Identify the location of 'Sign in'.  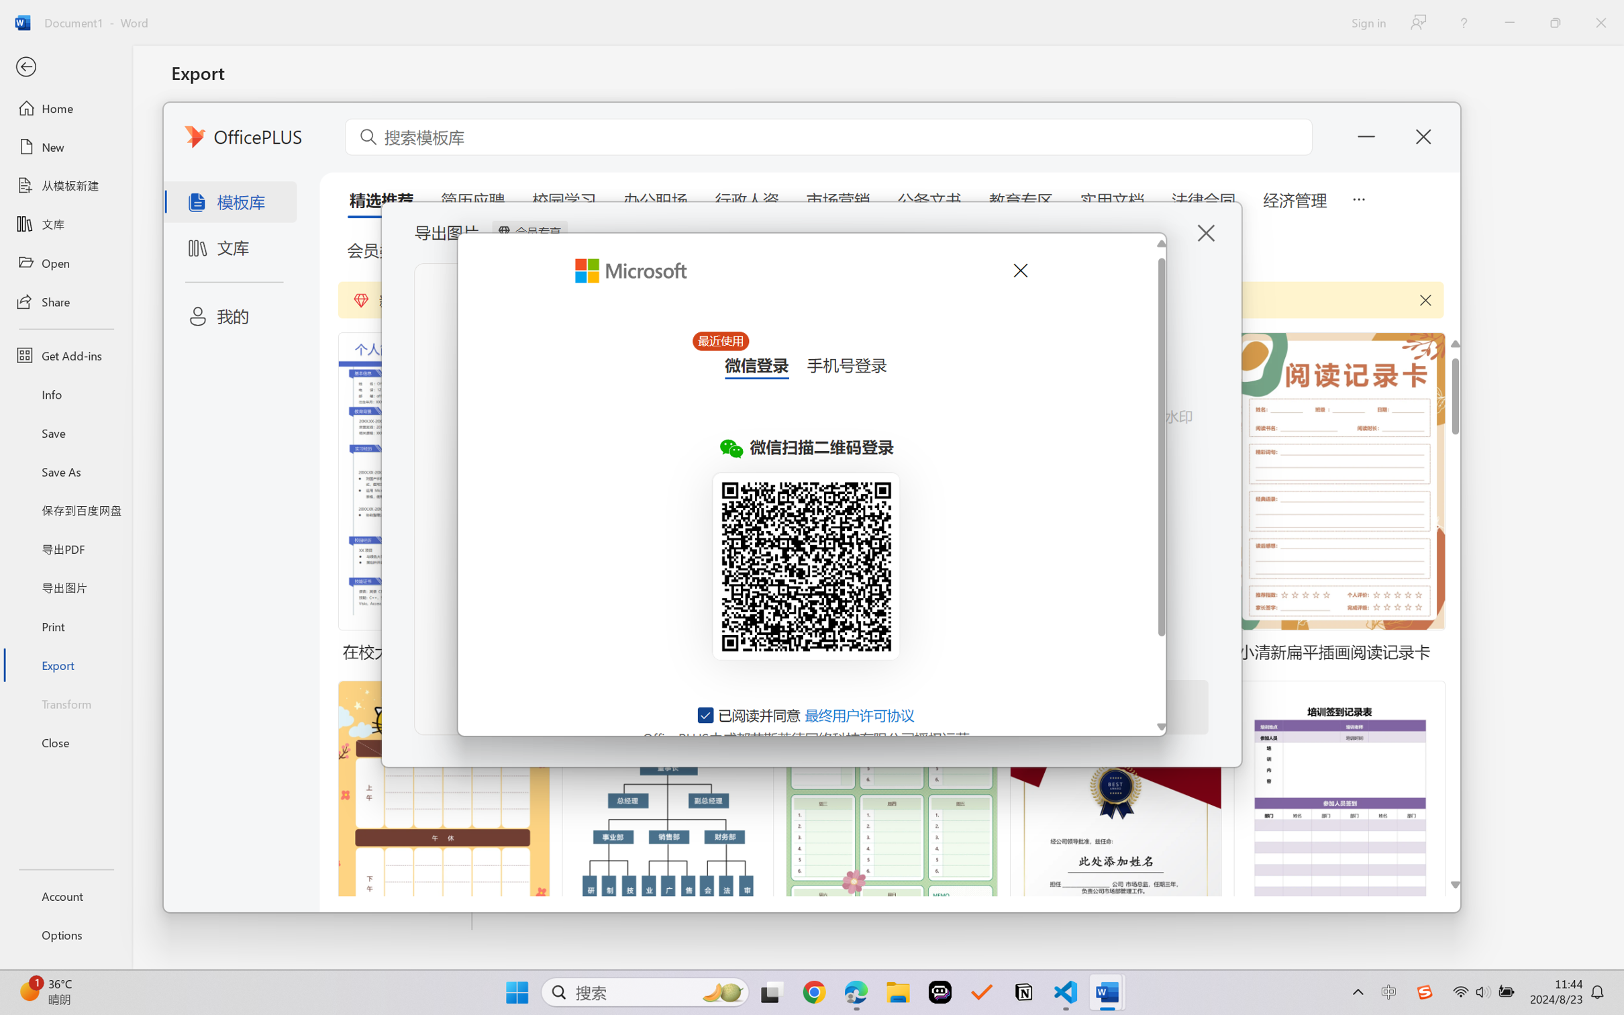
(1367, 22).